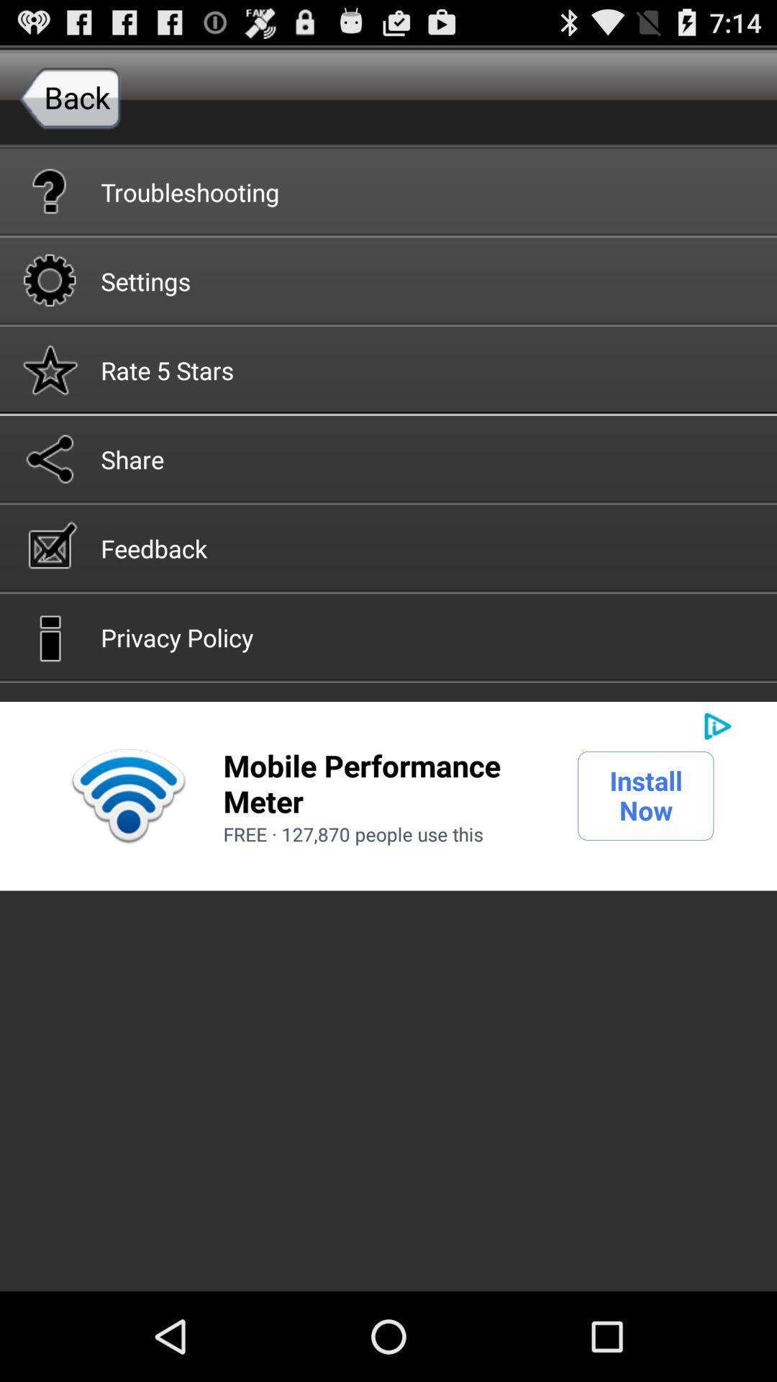  Describe the element at coordinates (70, 96) in the screenshot. I see `the item above the troubleshooting button` at that location.